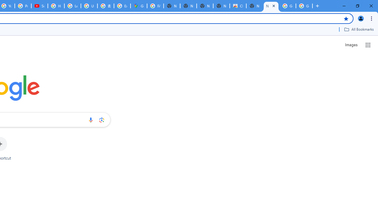 This screenshot has height=212, width=378. Describe the element at coordinates (138, 6) in the screenshot. I see `'Google Maps'` at that location.